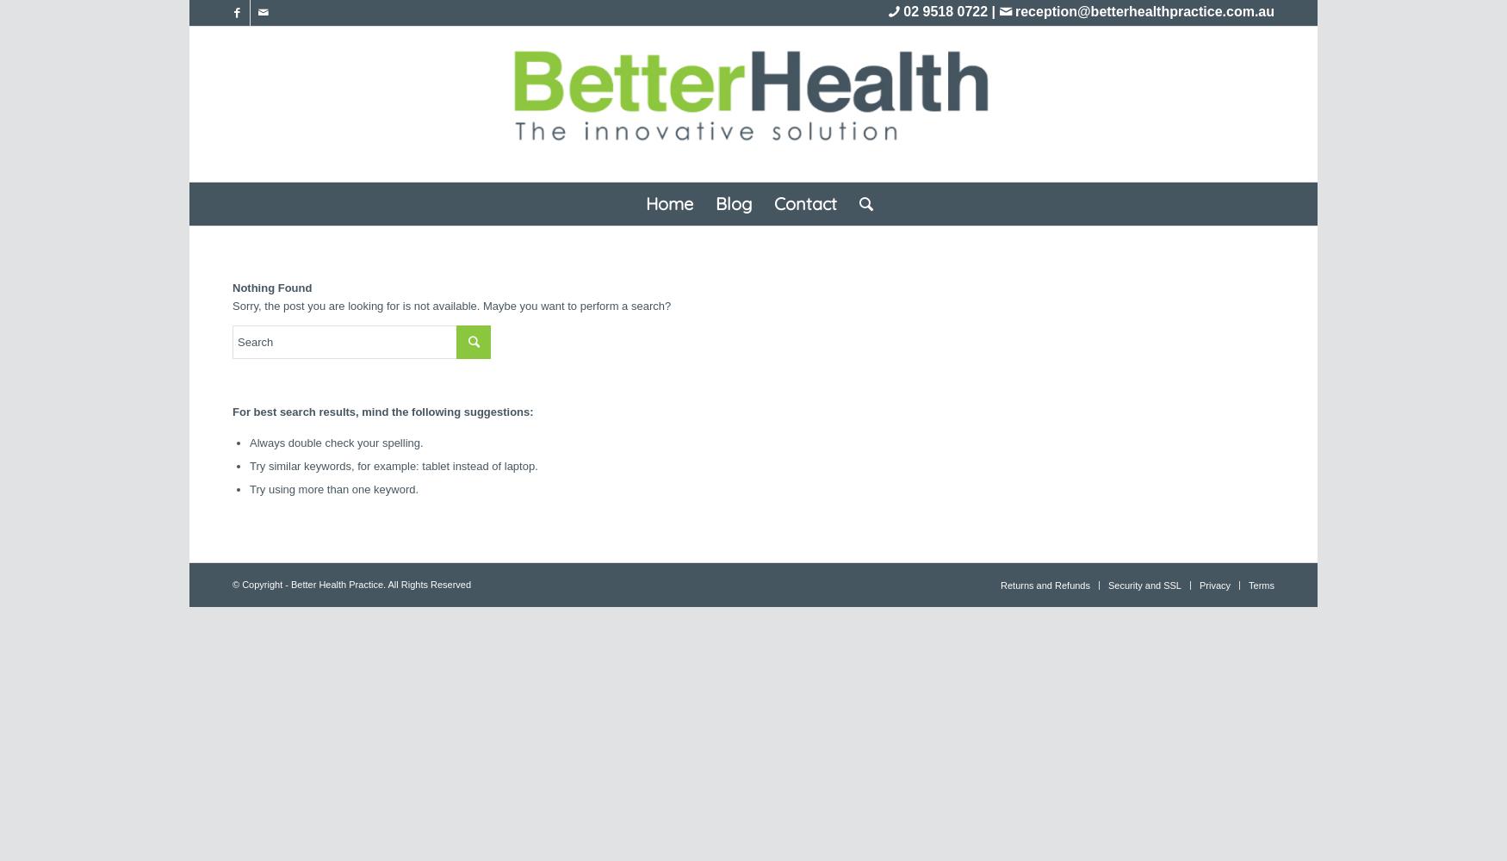 The width and height of the screenshot is (1507, 861). What do you see at coordinates (393, 465) in the screenshot?
I see `'Try similar keywords, for example: tablet instead of laptop.'` at bounding box center [393, 465].